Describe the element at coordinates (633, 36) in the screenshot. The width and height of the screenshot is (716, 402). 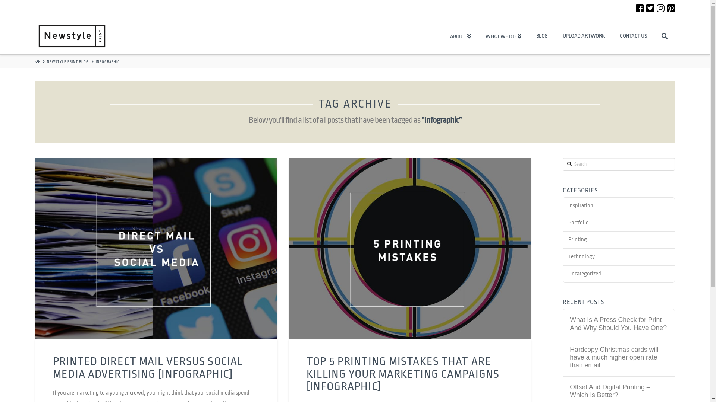
I see `'CONTACT US'` at that location.